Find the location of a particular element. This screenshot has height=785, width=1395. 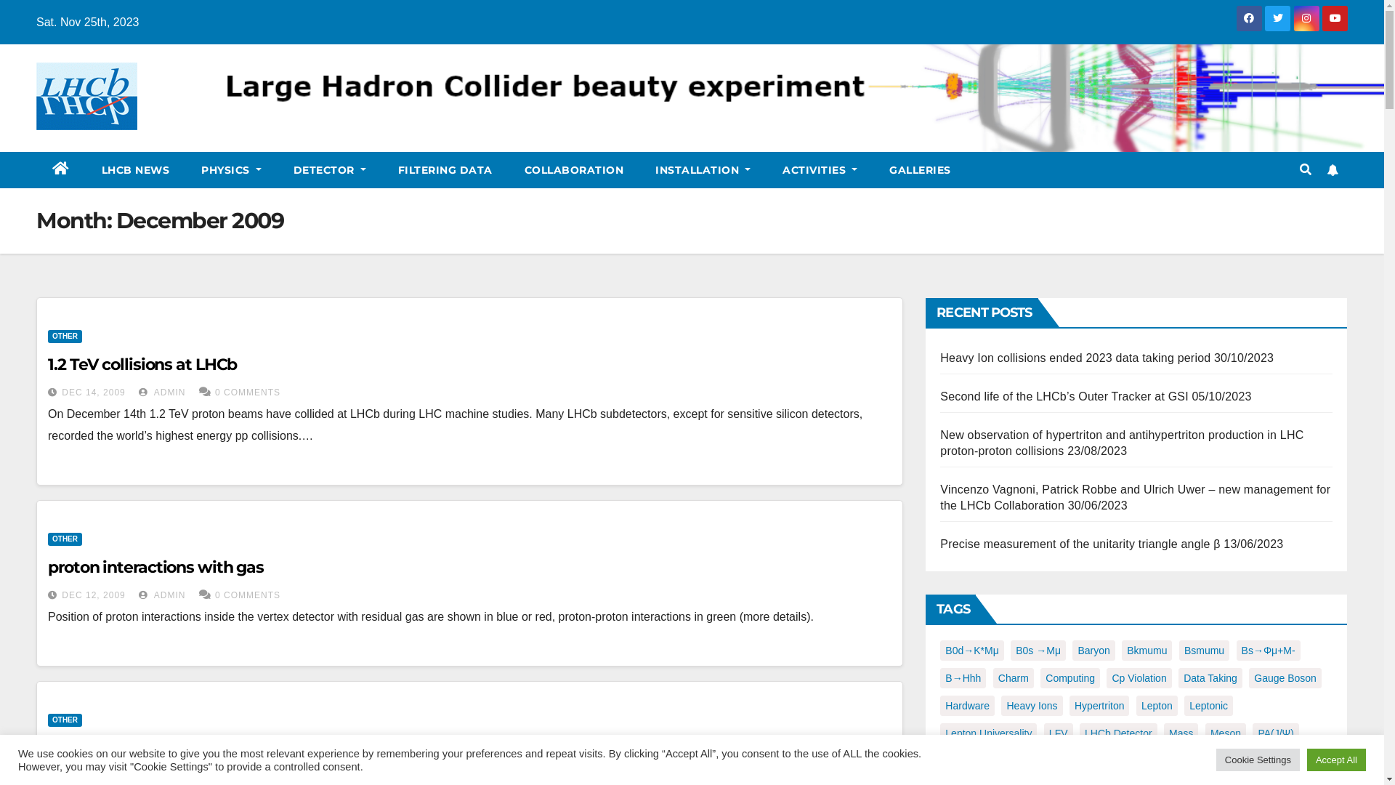

'Baryon' is located at coordinates (1072, 649).